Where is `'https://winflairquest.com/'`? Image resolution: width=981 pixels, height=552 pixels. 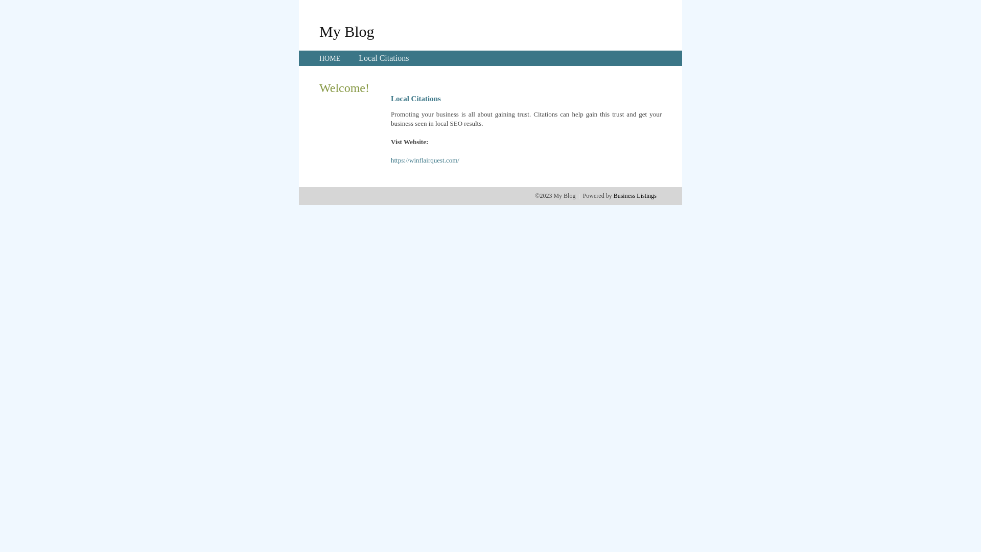 'https://winflairquest.com/' is located at coordinates (390, 160).